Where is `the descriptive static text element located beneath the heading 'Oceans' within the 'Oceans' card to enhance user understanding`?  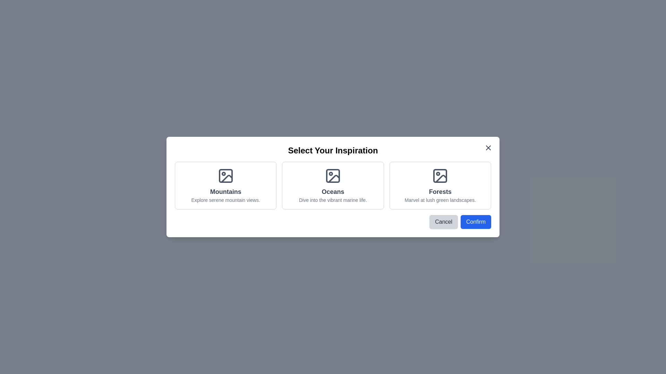
the descriptive static text element located beneath the heading 'Oceans' within the 'Oceans' card to enhance user understanding is located at coordinates (333, 200).